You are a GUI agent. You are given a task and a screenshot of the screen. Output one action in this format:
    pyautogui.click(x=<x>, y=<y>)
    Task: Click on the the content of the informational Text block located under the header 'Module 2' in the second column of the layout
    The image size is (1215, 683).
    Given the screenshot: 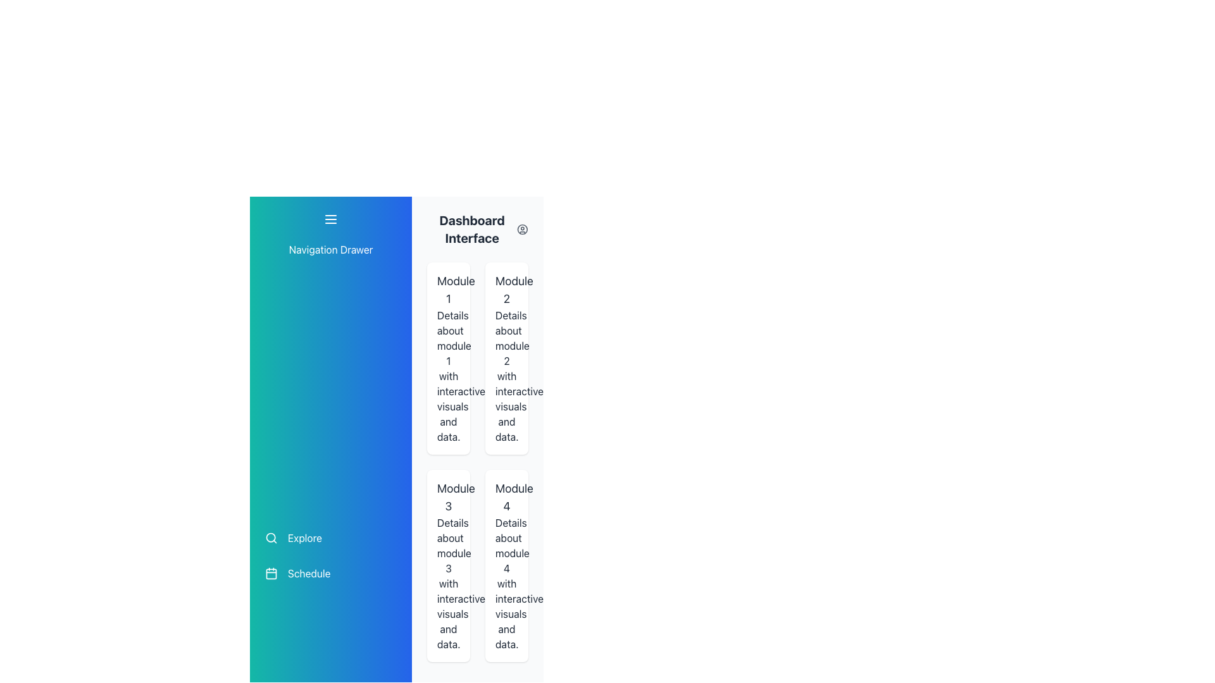 What is the action you would take?
    pyautogui.click(x=507, y=375)
    